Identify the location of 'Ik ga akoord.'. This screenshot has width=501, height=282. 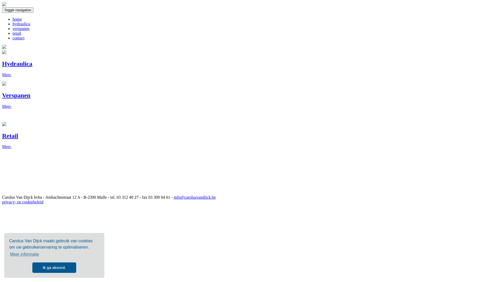
(32, 268).